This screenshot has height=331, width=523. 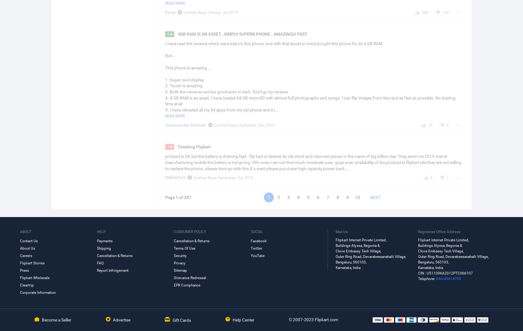 What do you see at coordinates (26, 255) in the screenshot?
I see `'Careers'` at bounding box center [26, 255].